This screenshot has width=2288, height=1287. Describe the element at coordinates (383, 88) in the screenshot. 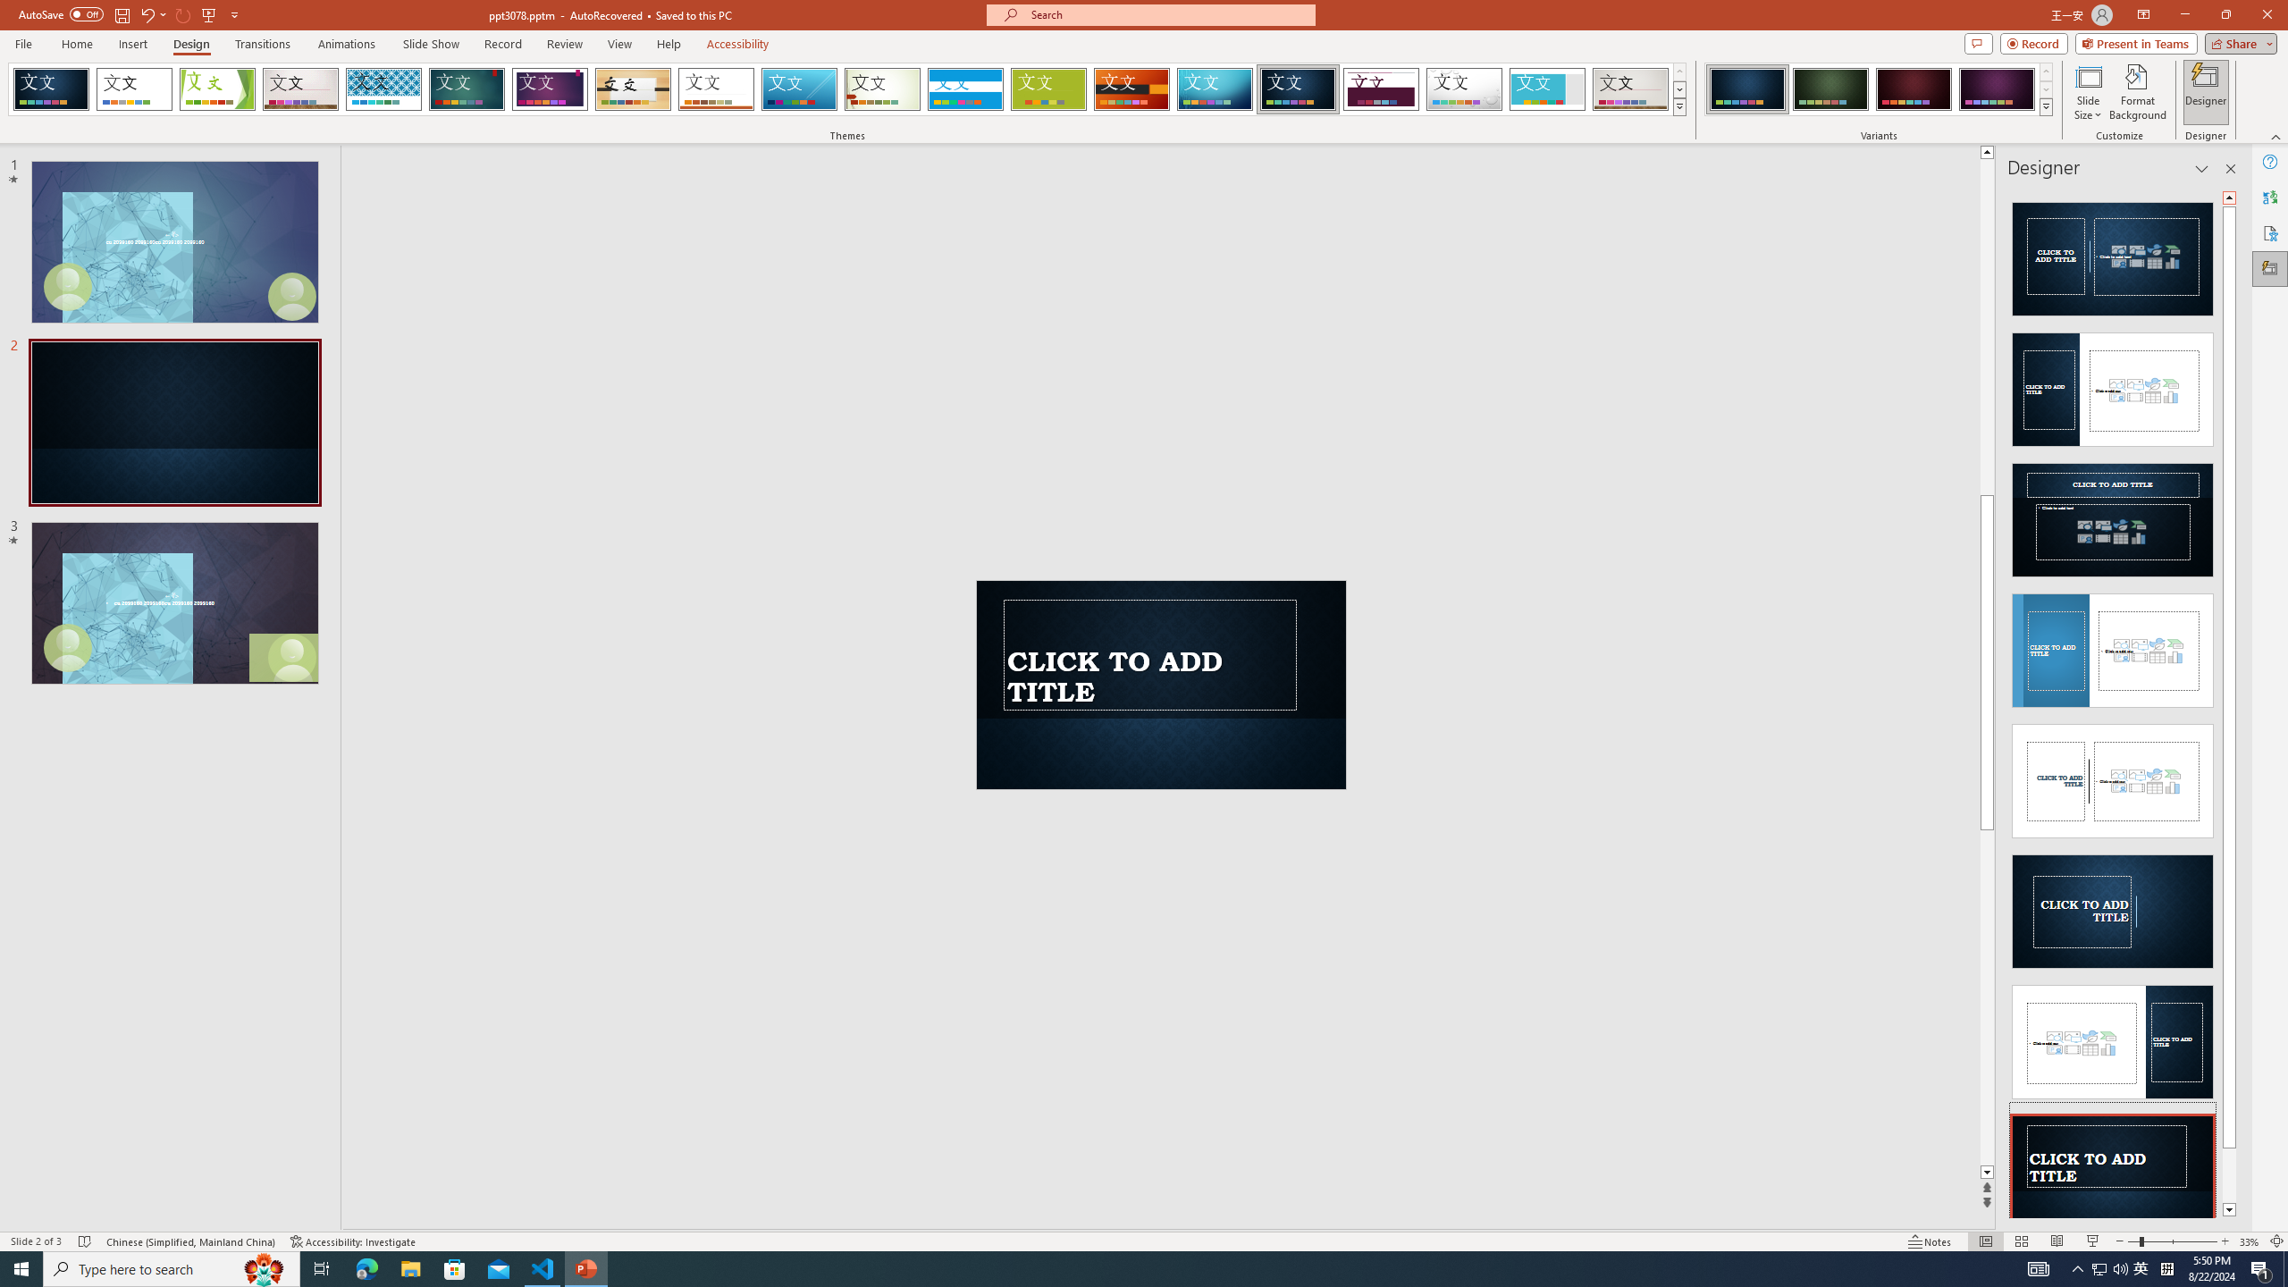

I see `'Integral'` at that location.